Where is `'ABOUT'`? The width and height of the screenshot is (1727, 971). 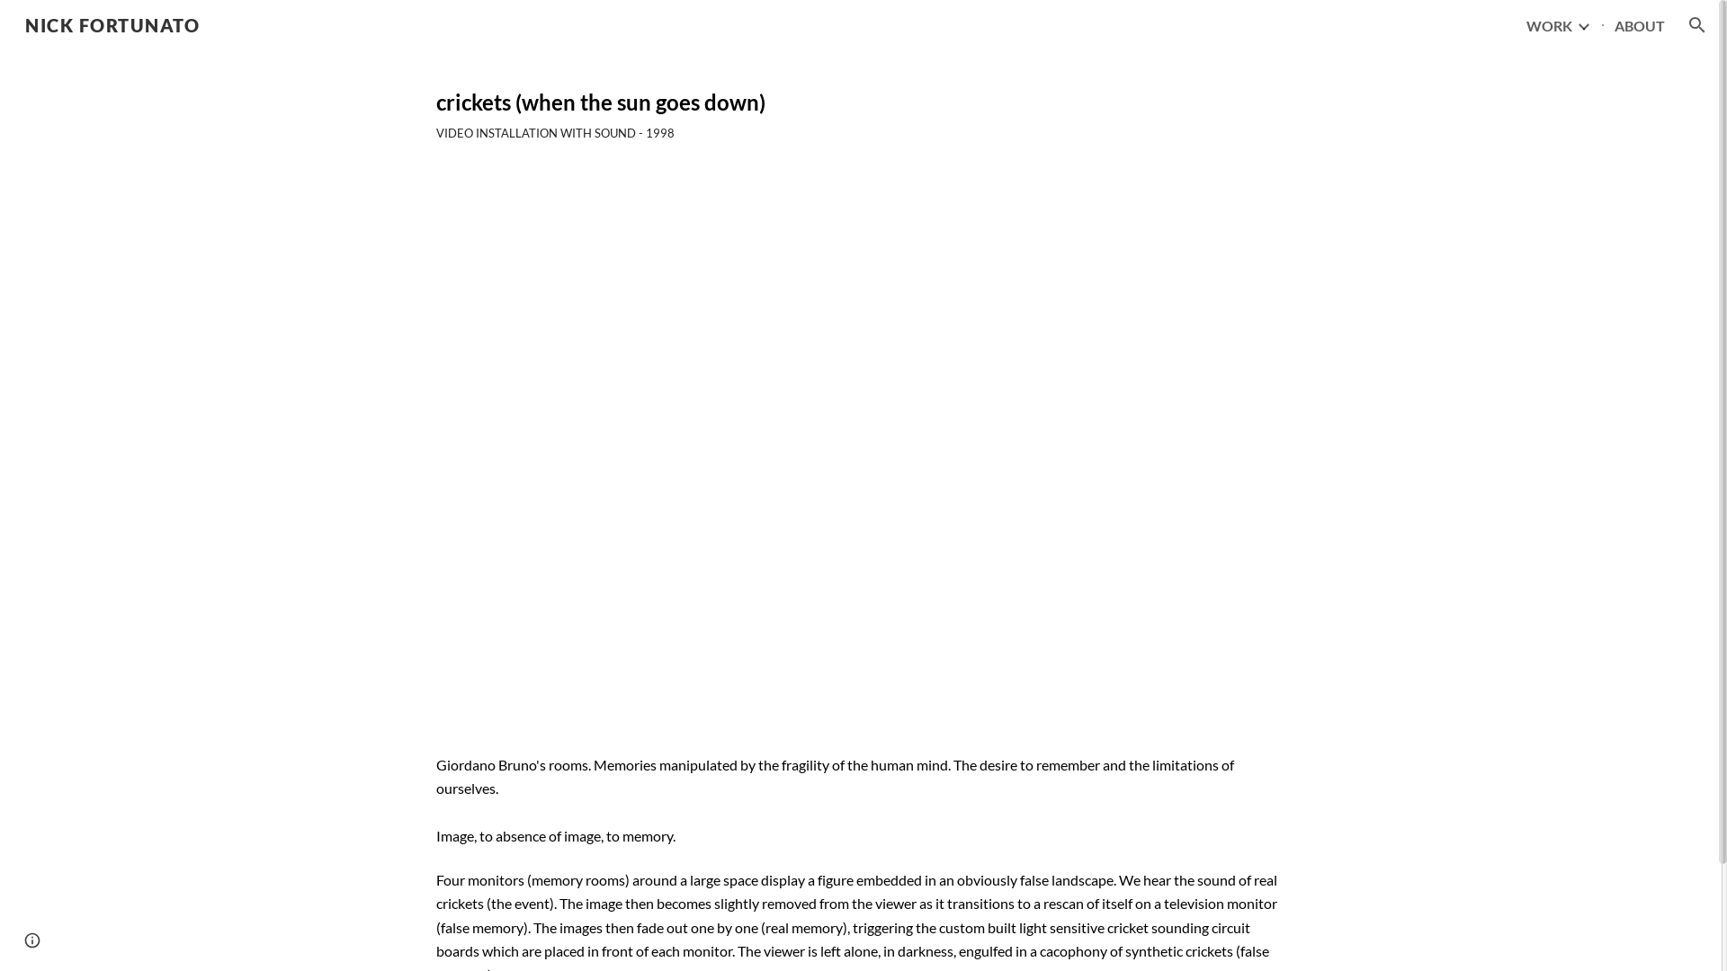
'ABOUT' is located at coordinates (1640, 24).